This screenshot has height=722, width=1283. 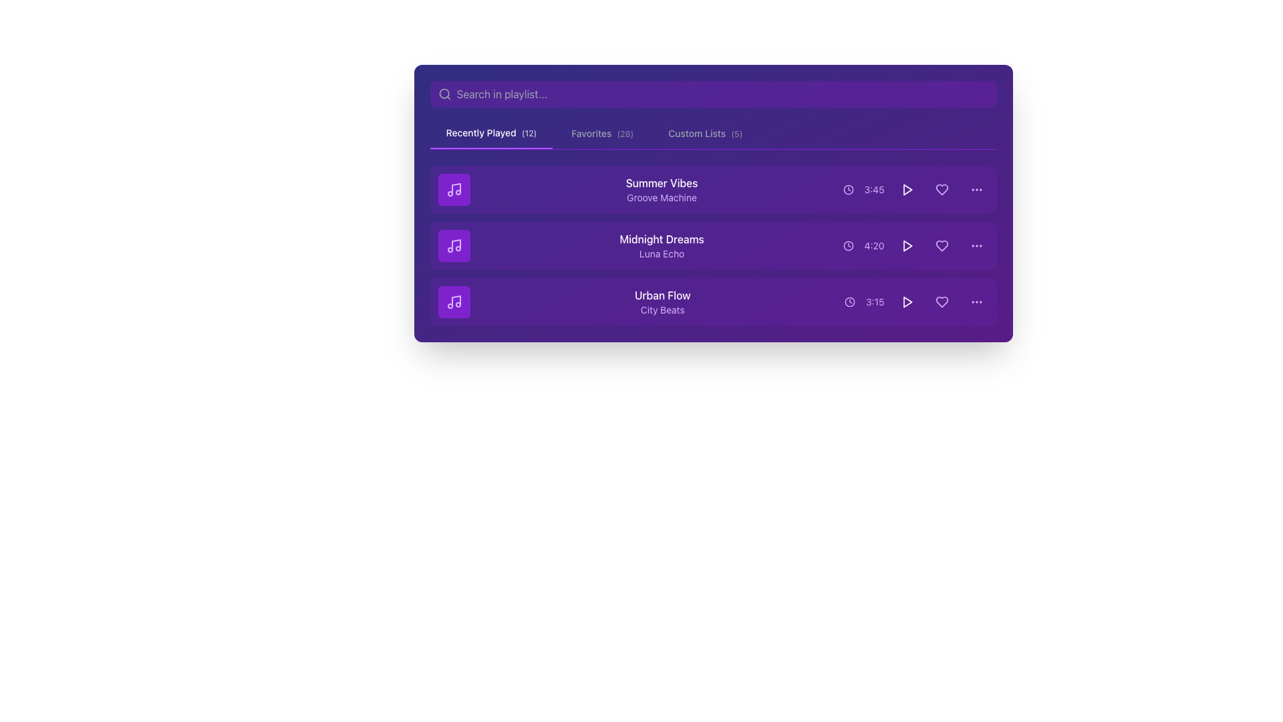 What do you see at coordinates (907, 190) in the screenshot?
I see `the play button located in the middle-right area of the first row of the playlist table, next to the time text '3:45'` at bounding box center [907, 190].